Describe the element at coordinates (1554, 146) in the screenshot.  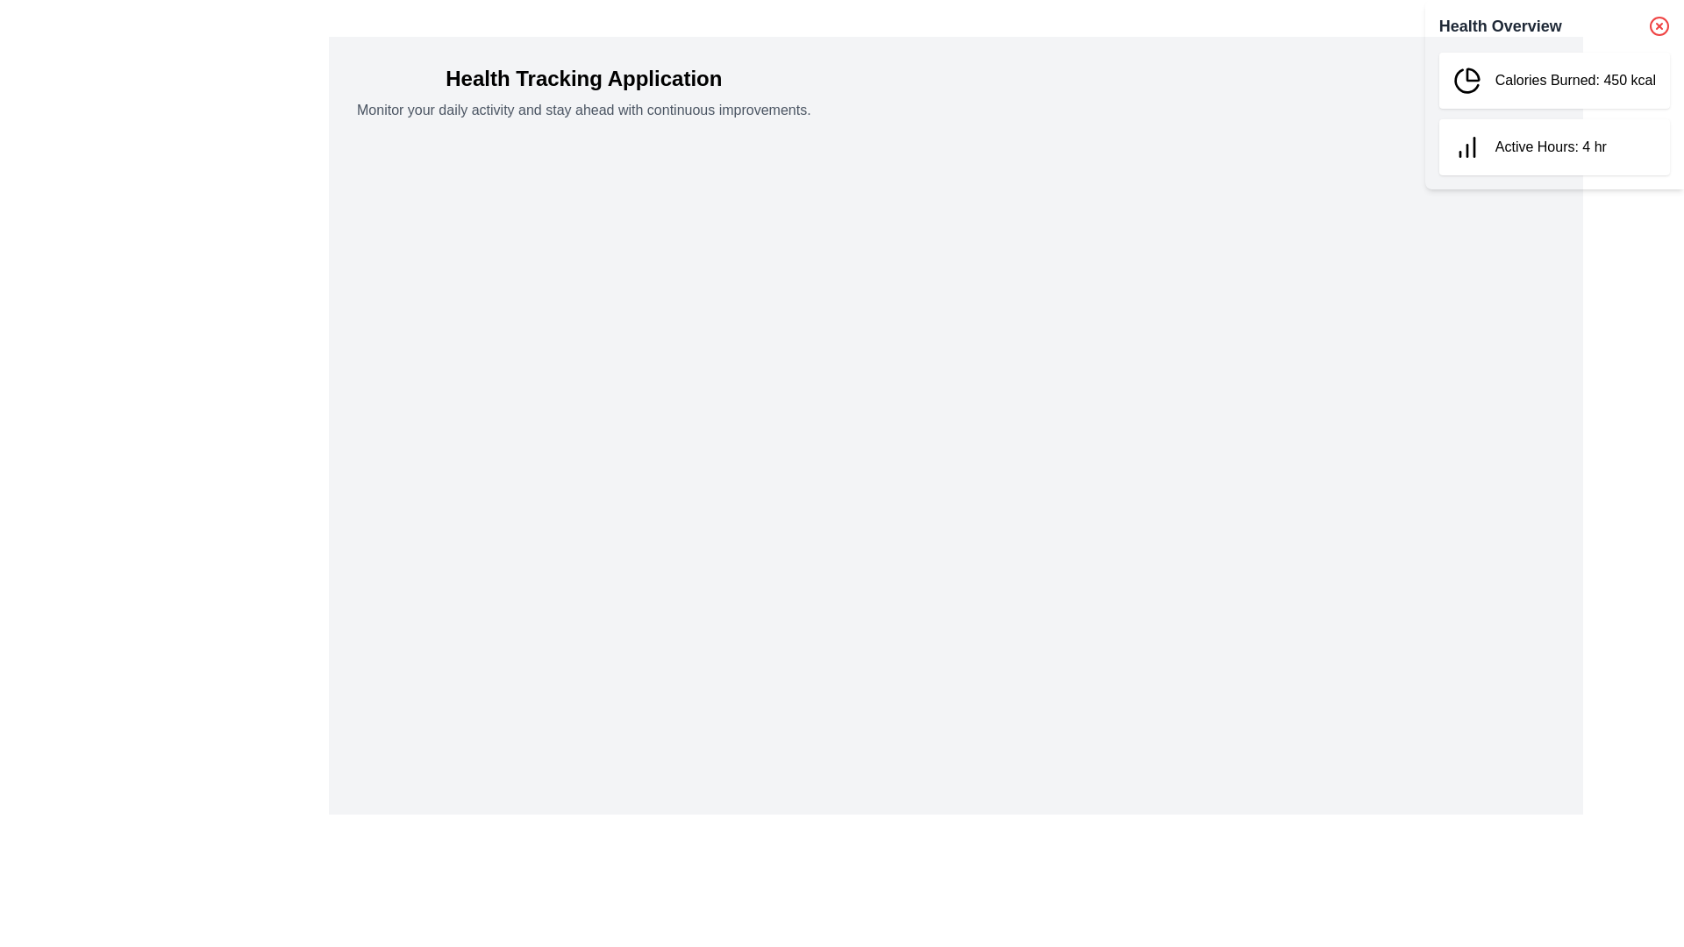
I see `information displayed in the Info card that shows 'Active Hours: 4 hr' with a pink bar chart icon, located on the right side of the Health Overview section` at that location.